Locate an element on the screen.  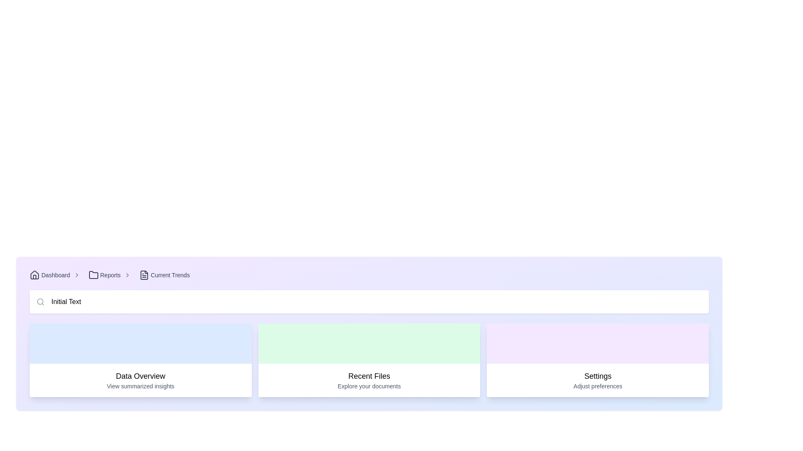
text within the search bar input field that has a white background, rounded corners, and an outlined magnifying glass icon, positioned below the breadcrumb section 'Dashboard > Reports > Current Trends' is located at coordinates (369, 302).